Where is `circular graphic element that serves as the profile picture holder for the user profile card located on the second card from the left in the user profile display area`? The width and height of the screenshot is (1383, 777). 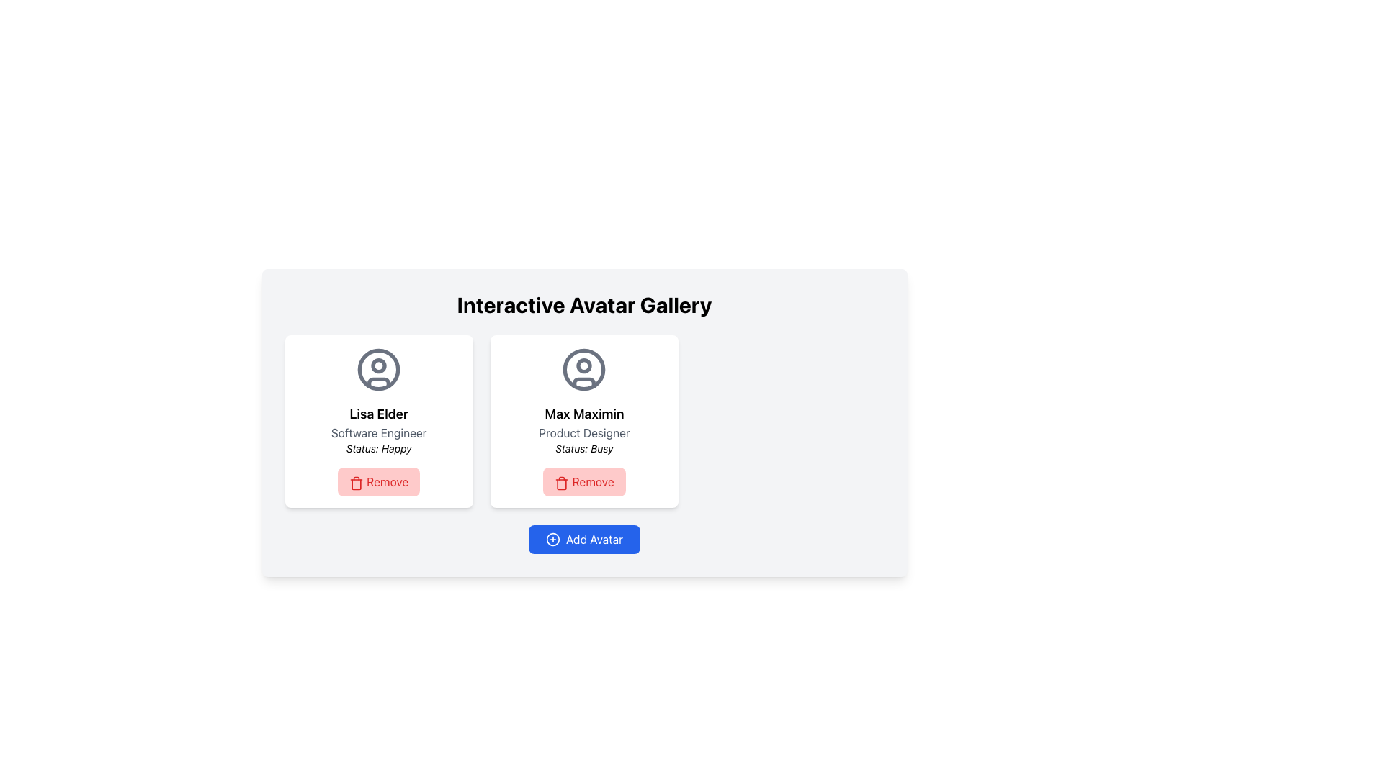
circular graphic element that serves as the profile picture holder for the user profile card located on the second card from the left in the user profile display area is located at coordinates (584, 368).